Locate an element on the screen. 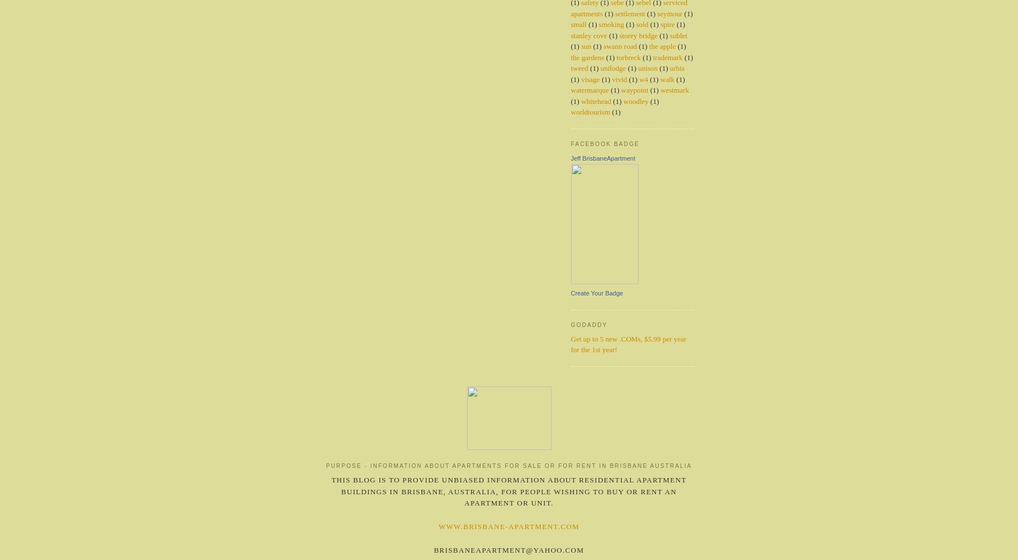 The width and height of the screenshot is (1018, 560). 'brisbaneapartment@yahoo.com' is located at coordinates (508, 549).